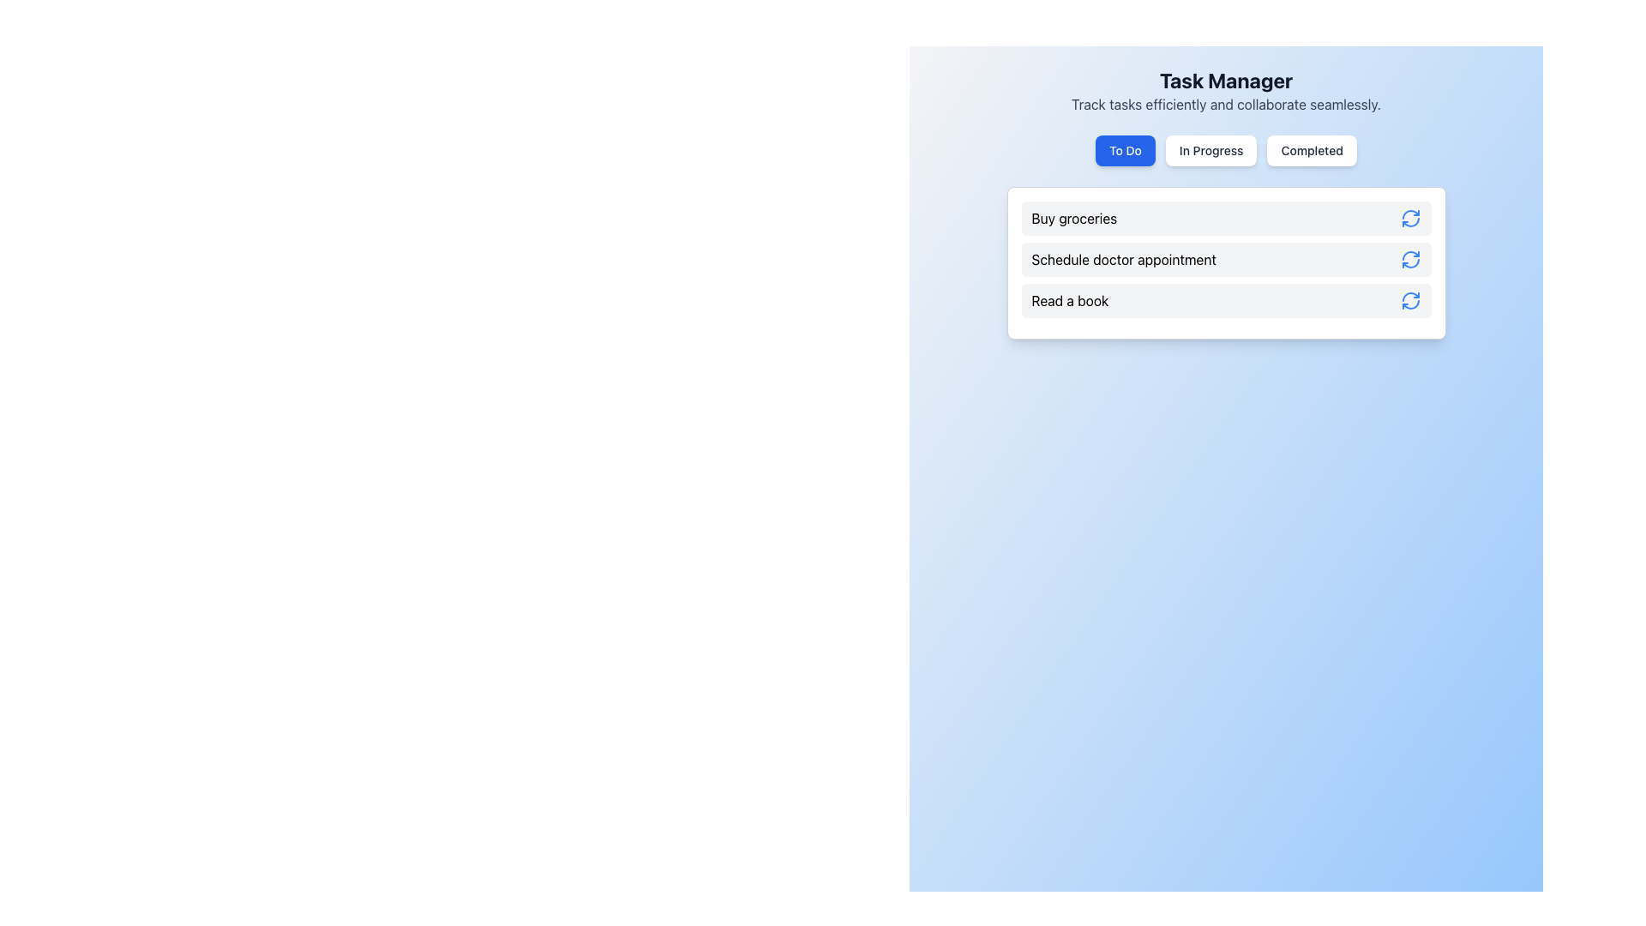 This screenshot has width=1646, height=926. What do you see at coordinates (1225, 150) in the screenshot?
I see `the 'In Progress' button in the task state filter group to switch to the 'In Progress' task category` at bounding box center [1225, 150].